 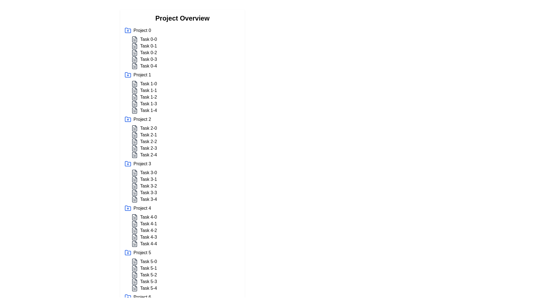 What do you see at coordinates (186, 288) in the screenshot?
I see `the List Item labeled 'Task 5-4'` at bounding box center [186, 288].